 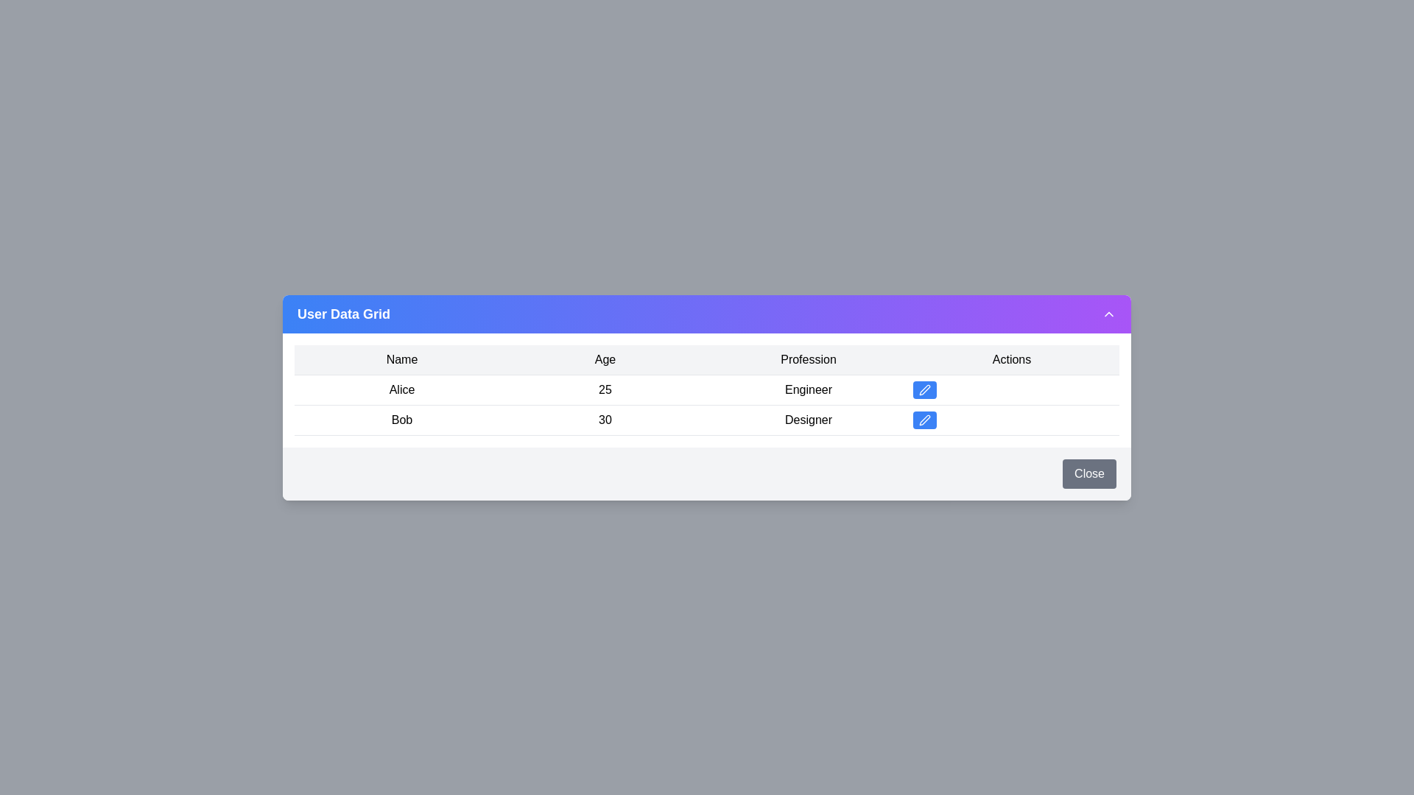 I want to click on the edit button located in the 'Actions' column of the row corresponding to 'Alice' to initiate the edit action, so click(x=924, y=388).